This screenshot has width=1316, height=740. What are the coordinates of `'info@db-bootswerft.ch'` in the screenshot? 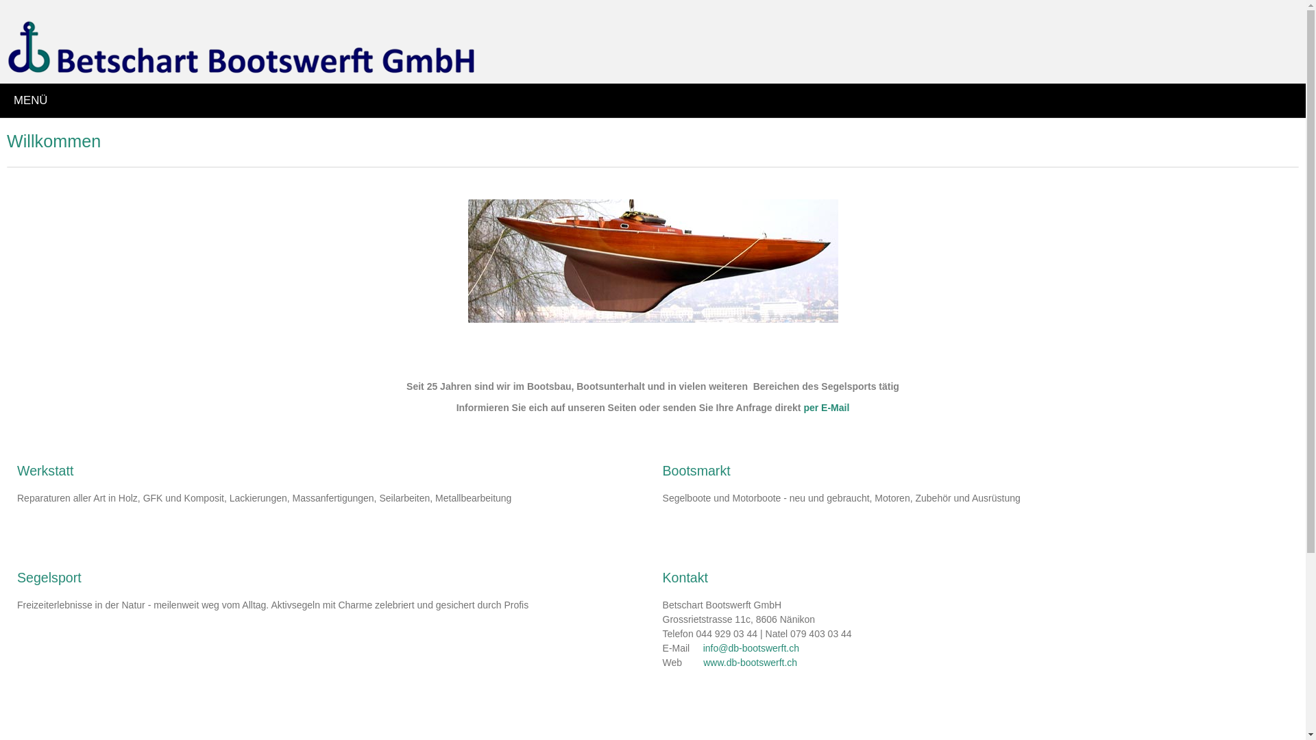 It's located at (750, 647).